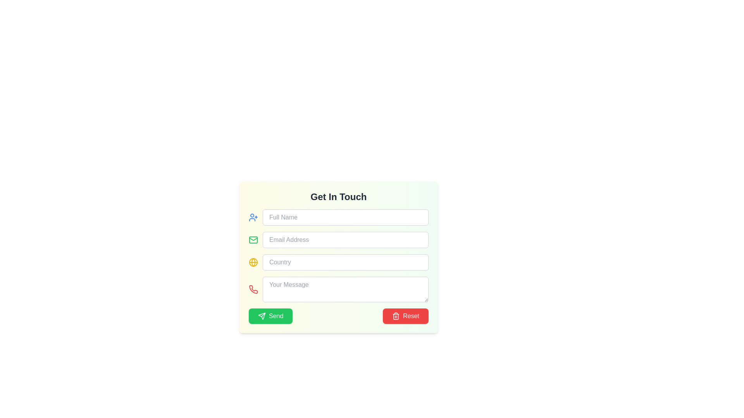  I want to click on the green mail icon that symbolizes the email input field, located to the left of the 'Email Address' input field in the contact form interface, so click(253, 238).